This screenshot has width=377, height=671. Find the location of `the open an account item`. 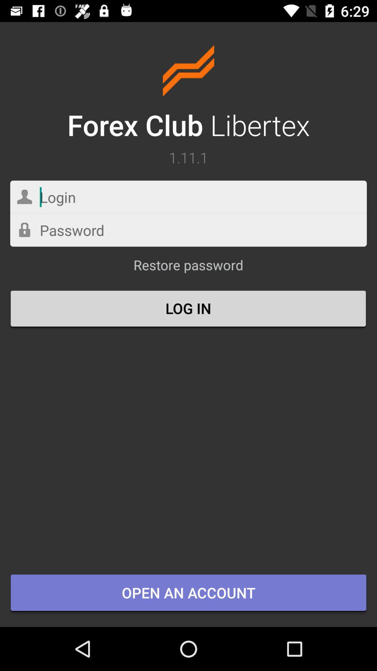

the open an account item is located at coordinates (188, 593).